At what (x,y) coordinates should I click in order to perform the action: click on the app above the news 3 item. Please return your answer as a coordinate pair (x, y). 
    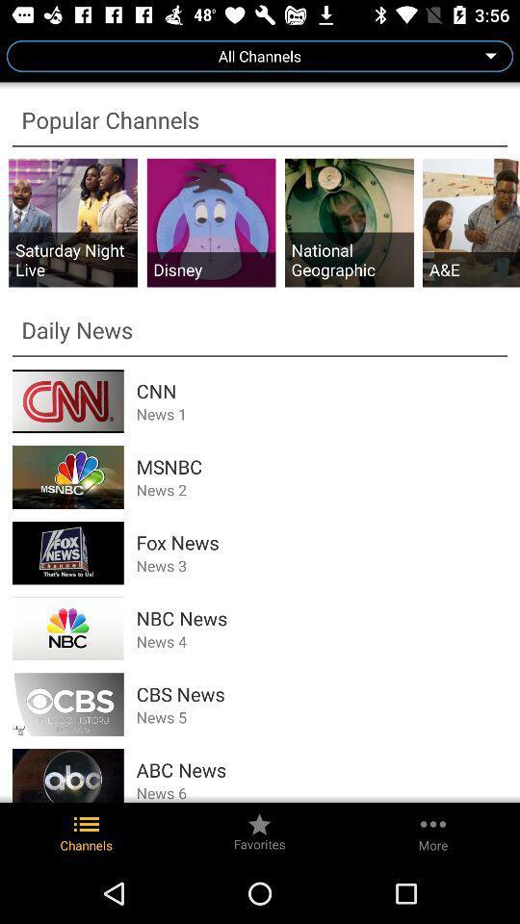
    Looking at the image, I should click on (322, 542).